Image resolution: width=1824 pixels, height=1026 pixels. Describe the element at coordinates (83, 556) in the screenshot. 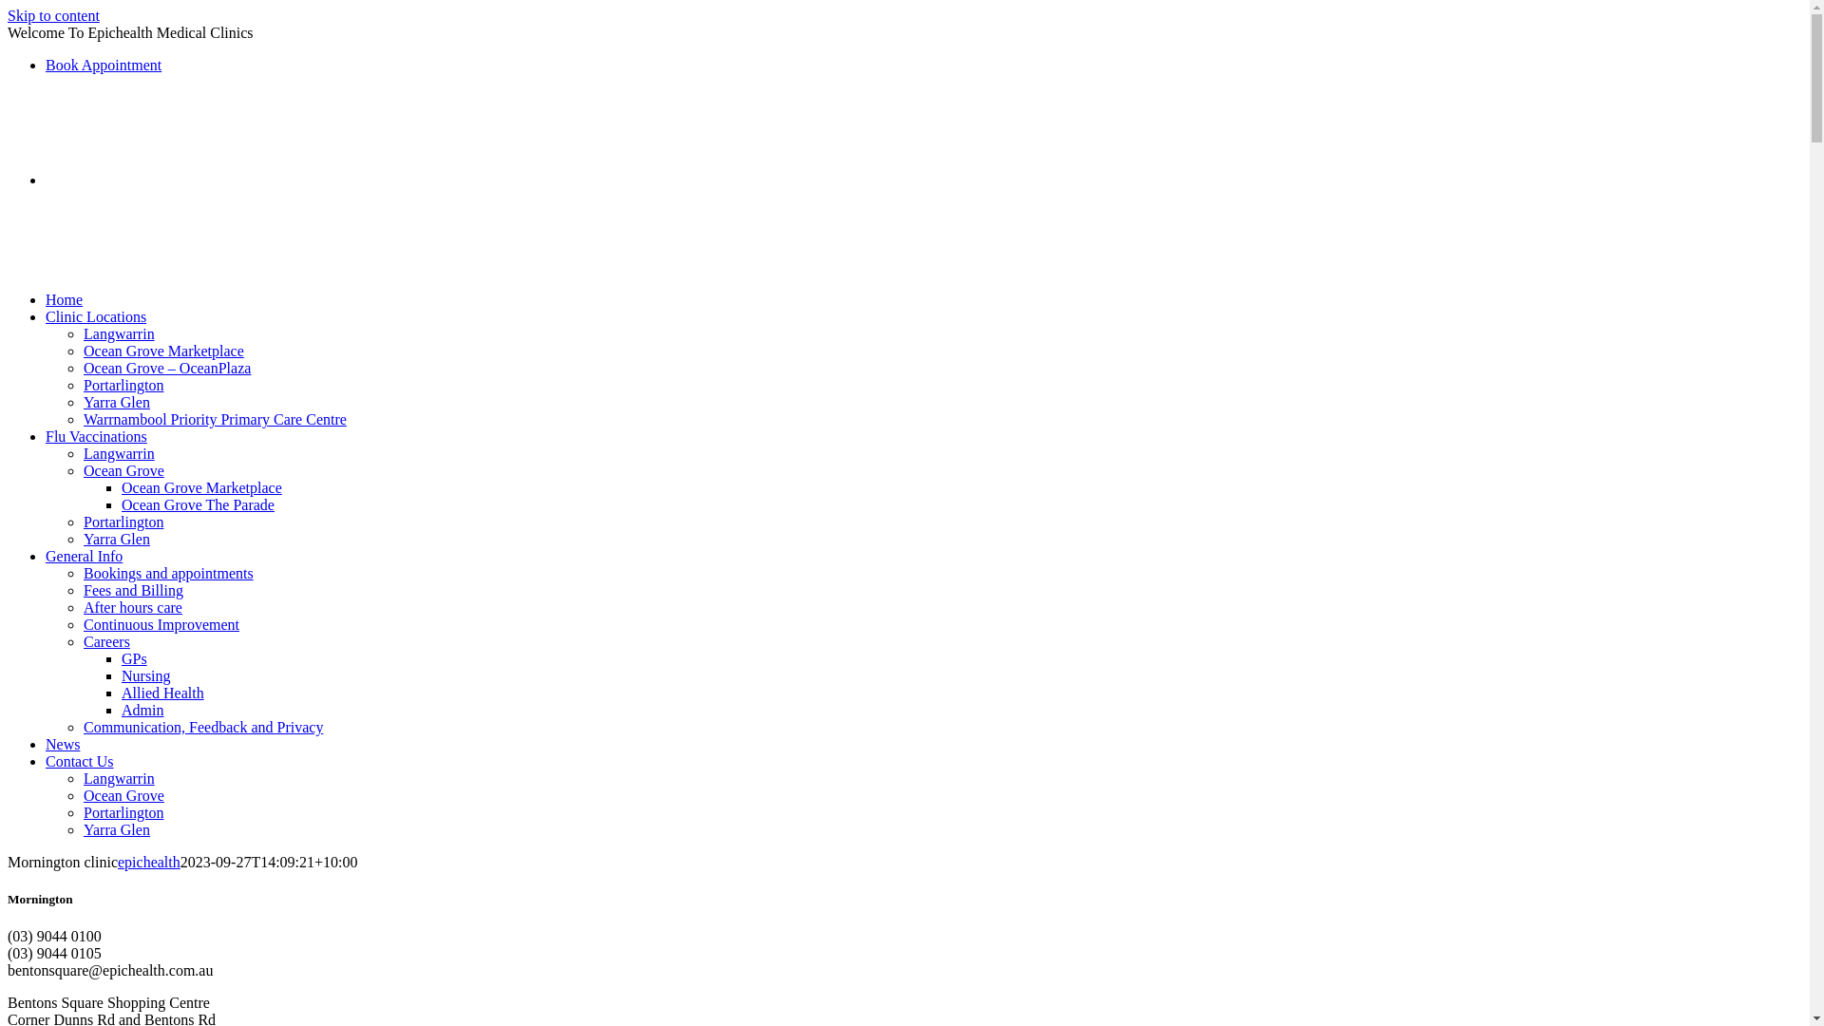

I see `'General Info'` at that location.